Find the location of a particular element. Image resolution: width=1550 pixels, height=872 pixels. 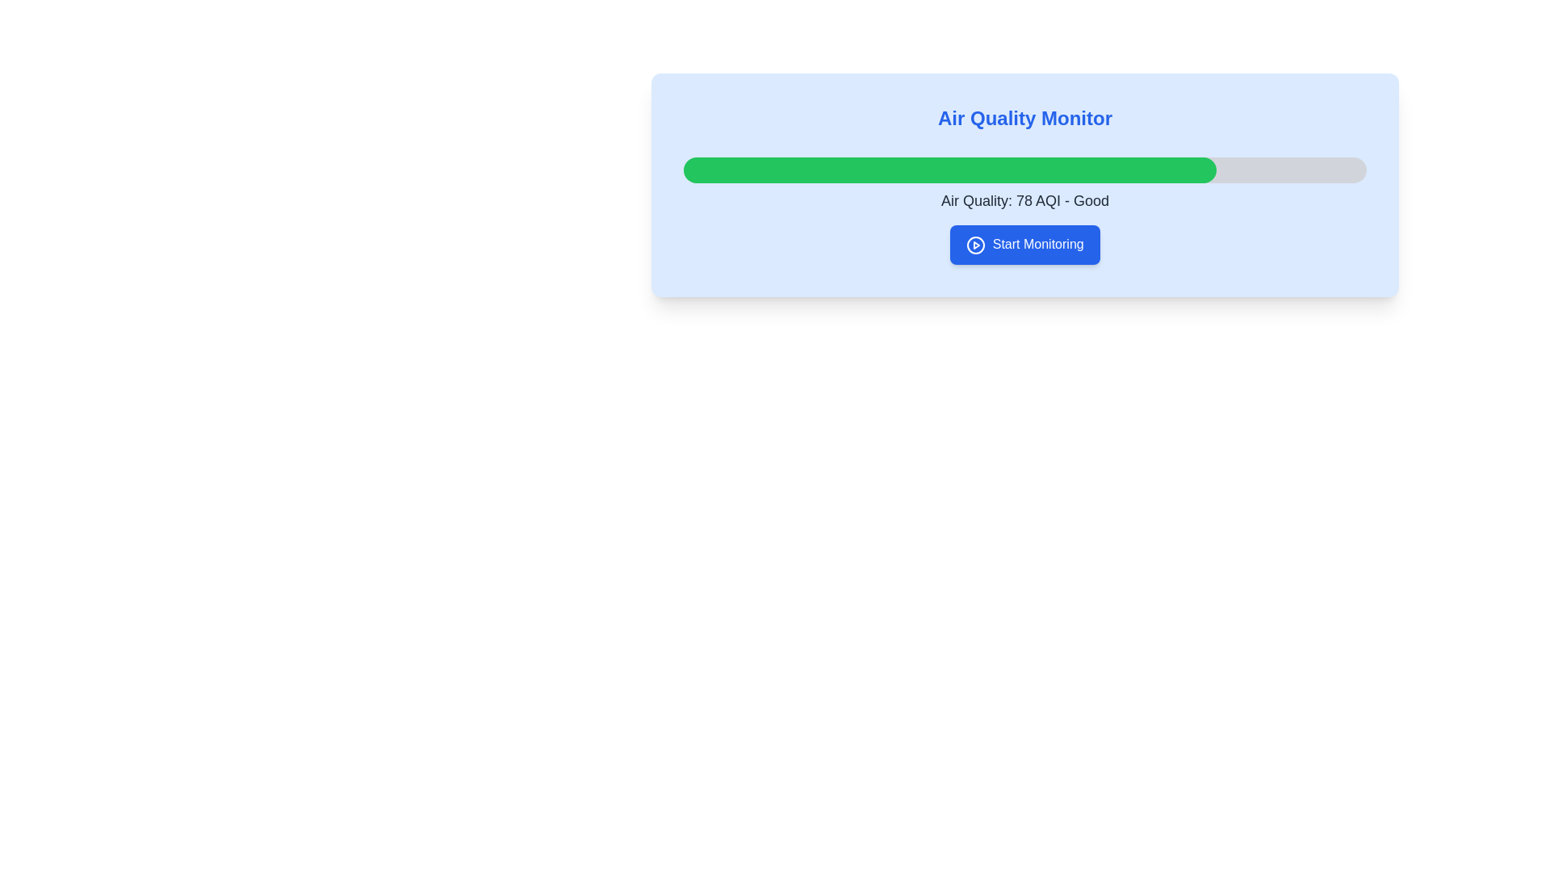

the interactive button located within the 'Air Quality Monitor' card, positioned below the text 'Air Quality: 78 AQI - Good' to activate visual effects is located at coordinates (1024, 245).